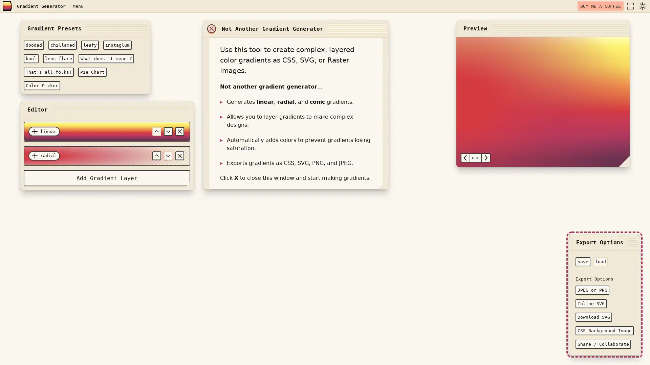 The width and height of the screenshot is (650, 365). Describe the element at coordinates (642, 6) in the screenshot. I see `dark mode toggle` at that location.